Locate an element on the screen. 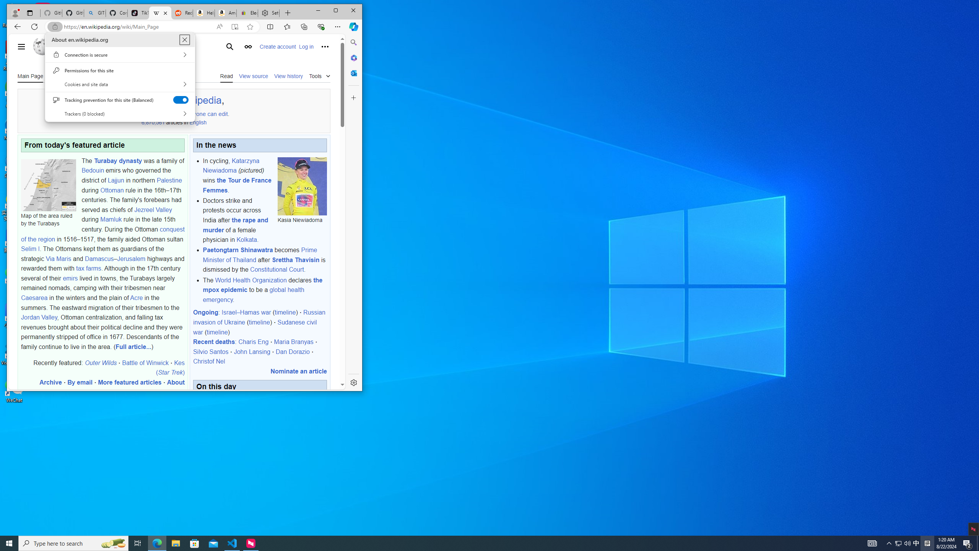 The width and height of the screenshot is (979, 551). 'Charis Eng' is located at coordinates (254, 342).